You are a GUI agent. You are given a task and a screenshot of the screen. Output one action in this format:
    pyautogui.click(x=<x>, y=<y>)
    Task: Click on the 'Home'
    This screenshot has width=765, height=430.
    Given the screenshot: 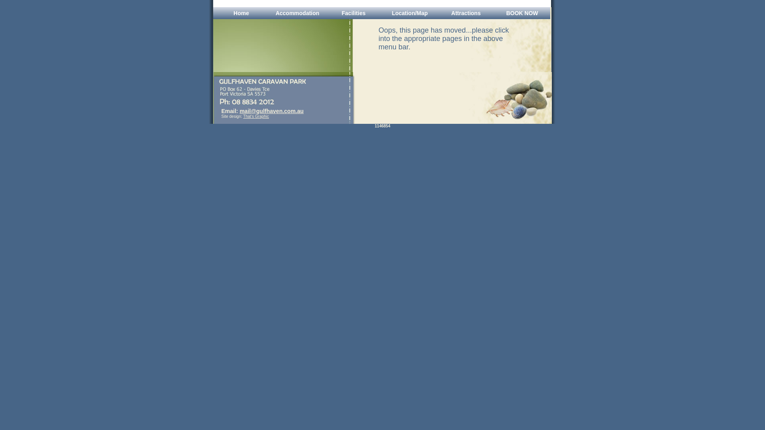 What is the action you would take?
    pyautogui.click(x=241, y=13)
    